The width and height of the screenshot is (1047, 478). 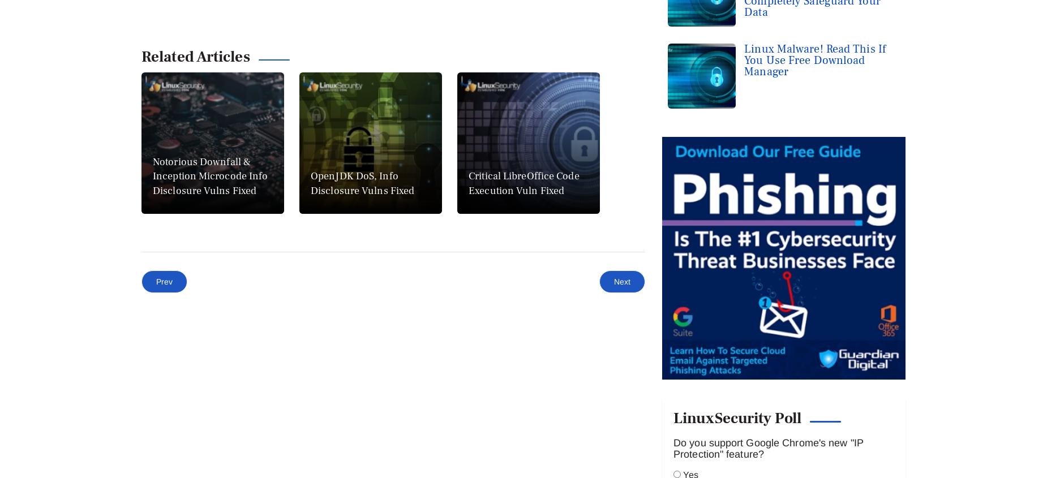 What do you see at coordinates (278, 421) in the screenshot?
I see `'Debian'` at bounding box center [278, 421].